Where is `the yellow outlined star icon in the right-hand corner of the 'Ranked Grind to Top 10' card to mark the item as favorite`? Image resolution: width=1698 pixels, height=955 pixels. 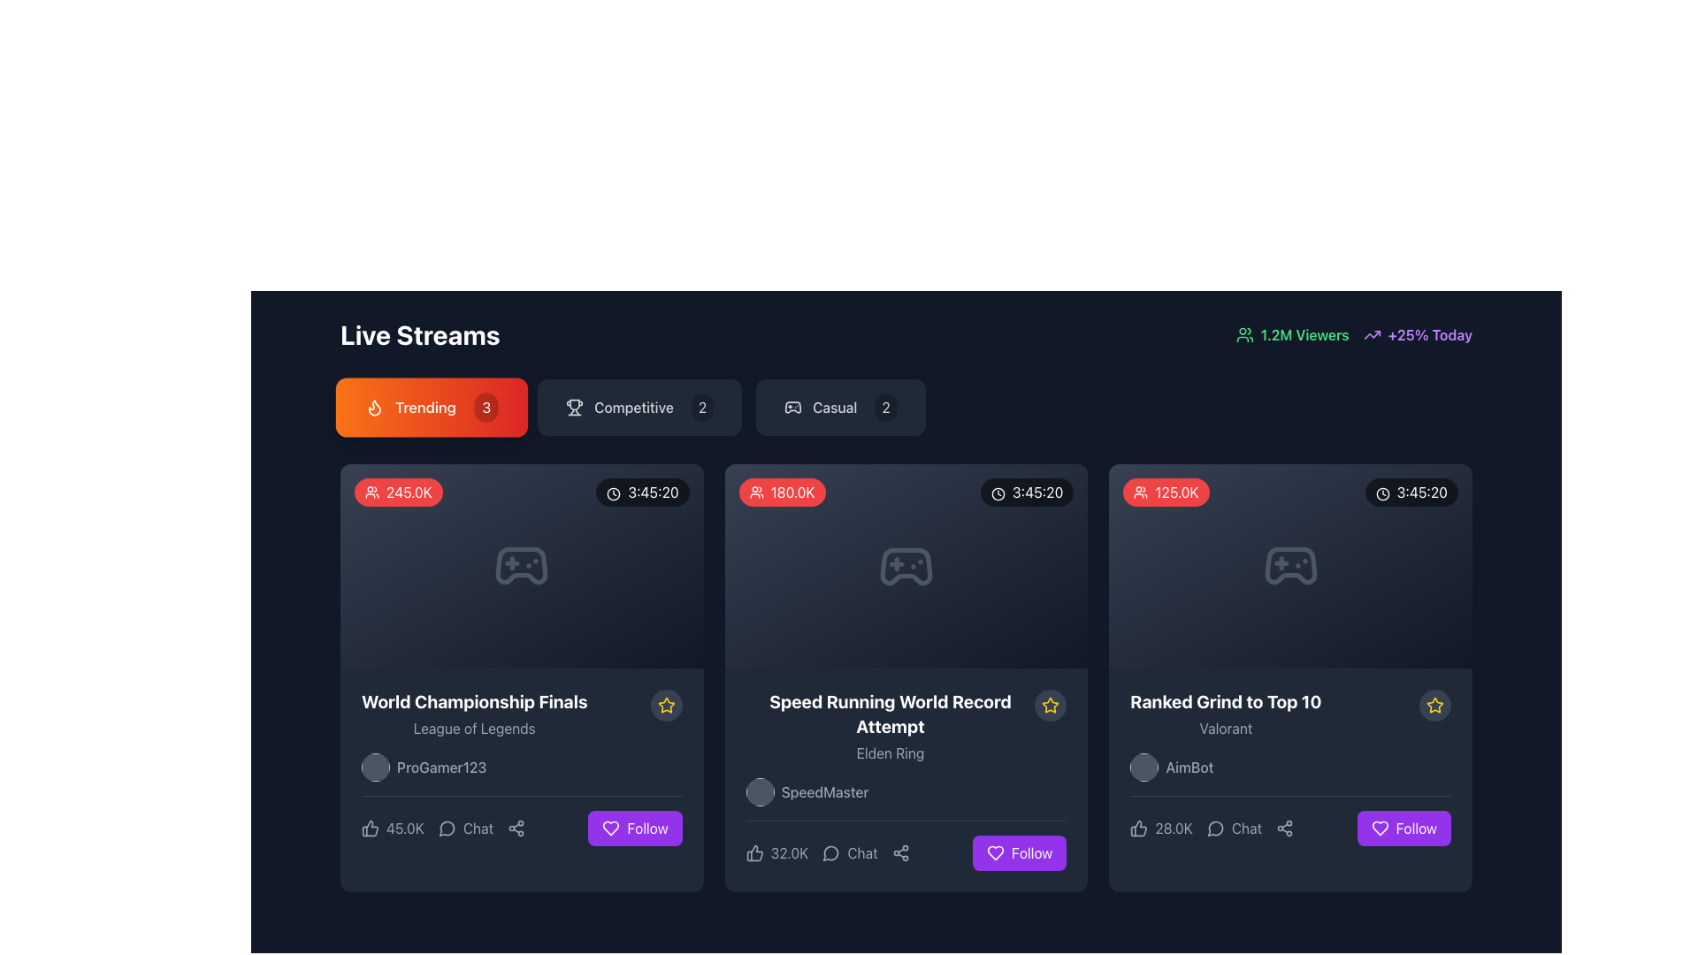 the yellow outlined star icon in the right-hand corner of the 'Ranked Grind to Top 10' card to mark the item as favorite is located at coordinates (1051, 704).